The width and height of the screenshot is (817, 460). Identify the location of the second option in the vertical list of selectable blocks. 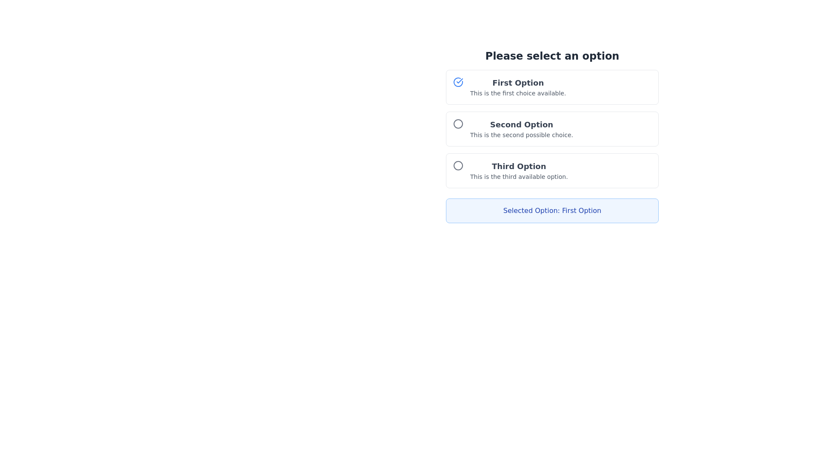
(552, 136).